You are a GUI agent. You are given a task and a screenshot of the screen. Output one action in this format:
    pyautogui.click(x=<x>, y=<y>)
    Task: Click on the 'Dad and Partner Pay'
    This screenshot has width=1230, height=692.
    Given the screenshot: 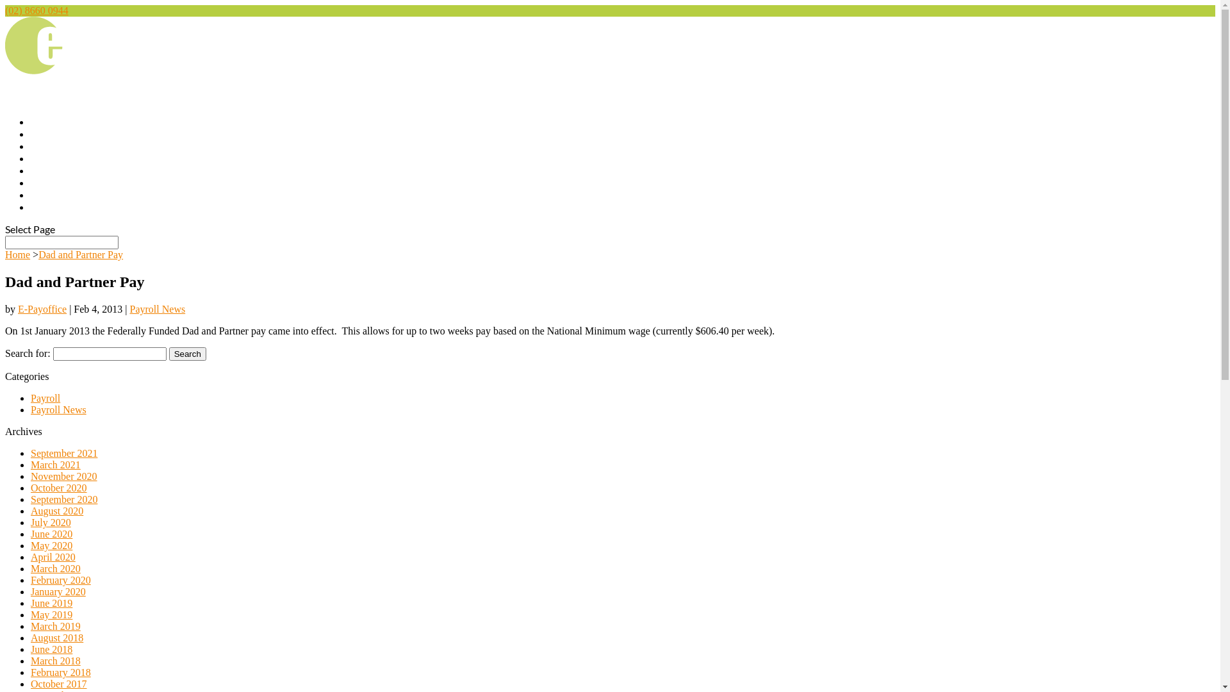 What is the action you would take?
    pyautogui.click(x=79, y=254)
    